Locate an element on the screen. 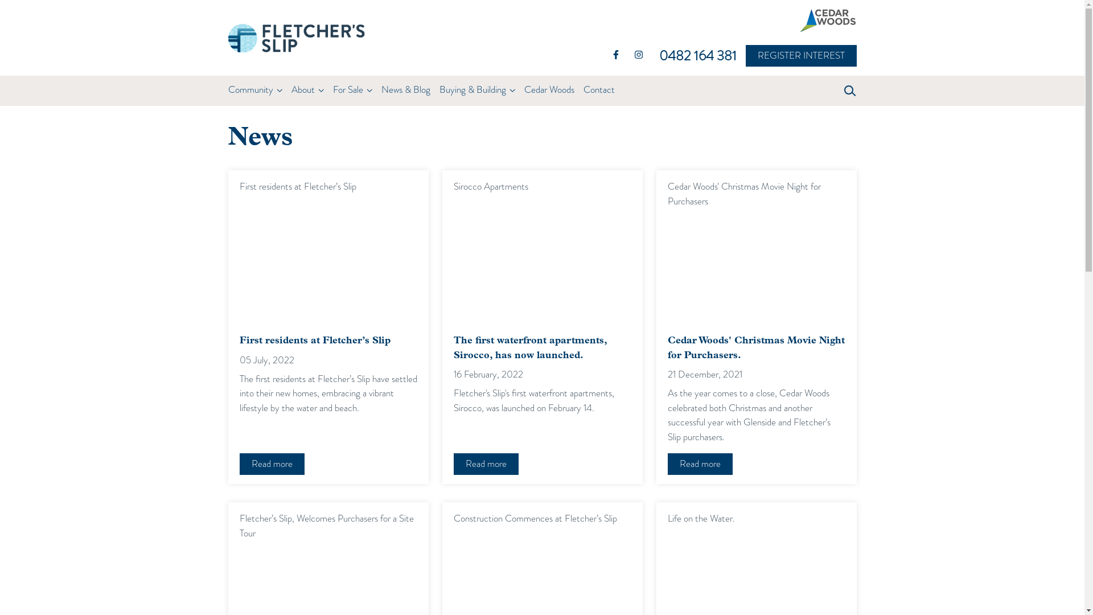  'About' is located at coordinates (307, 89).